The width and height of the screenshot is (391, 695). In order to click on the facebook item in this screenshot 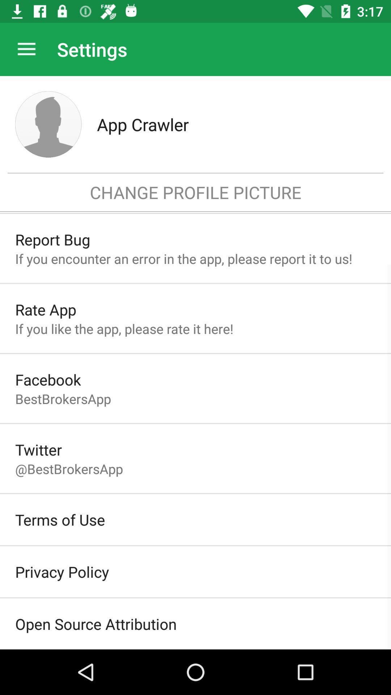, I will do `click(48, 379)`.